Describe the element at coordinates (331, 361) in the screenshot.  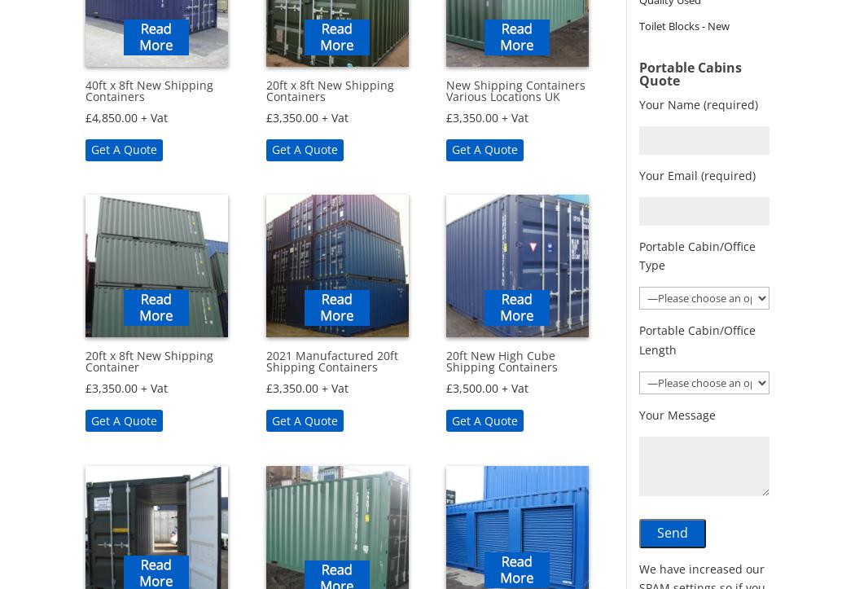
I see `'2021 Manufactured 20ft Shipping Containers'` at that location.